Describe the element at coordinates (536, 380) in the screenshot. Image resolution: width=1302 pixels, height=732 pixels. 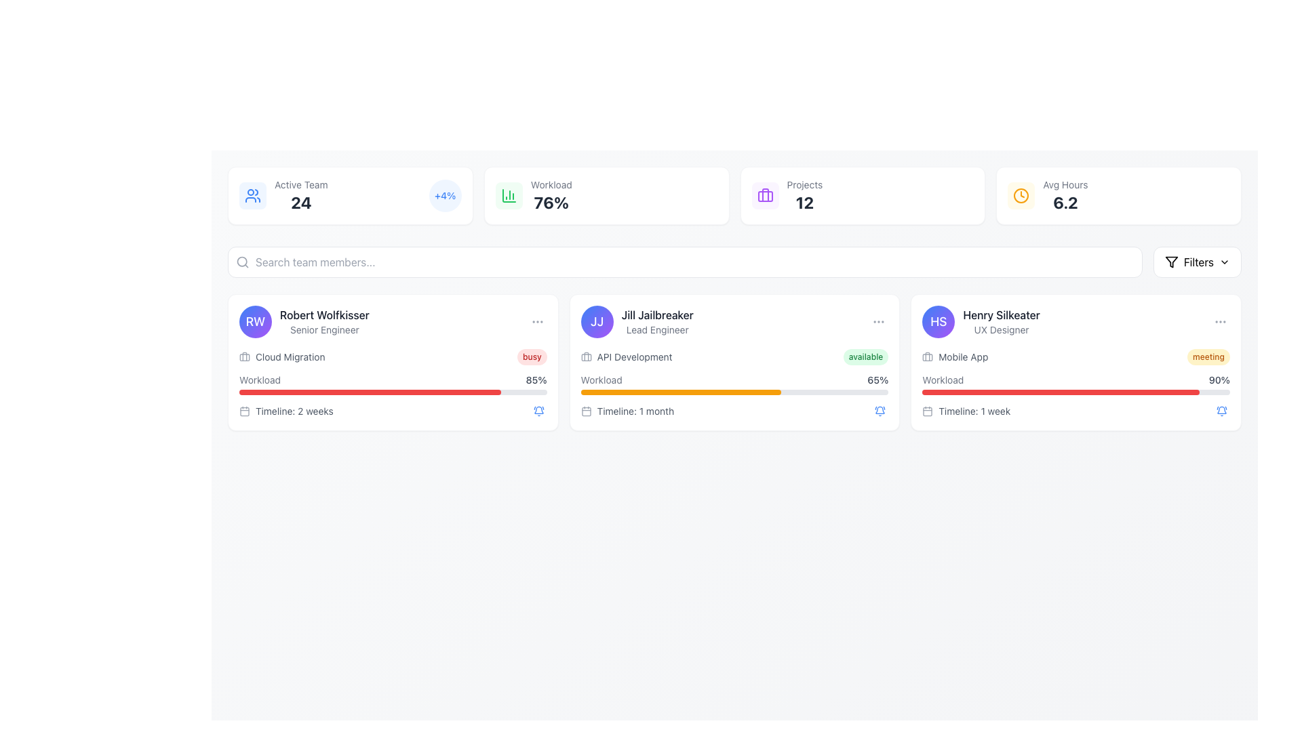
I see `the text displaying '85%' which is located in the lower section of the first card, to the far right of the 'Workload' label and aligning with the progress bar's end point` at that location.